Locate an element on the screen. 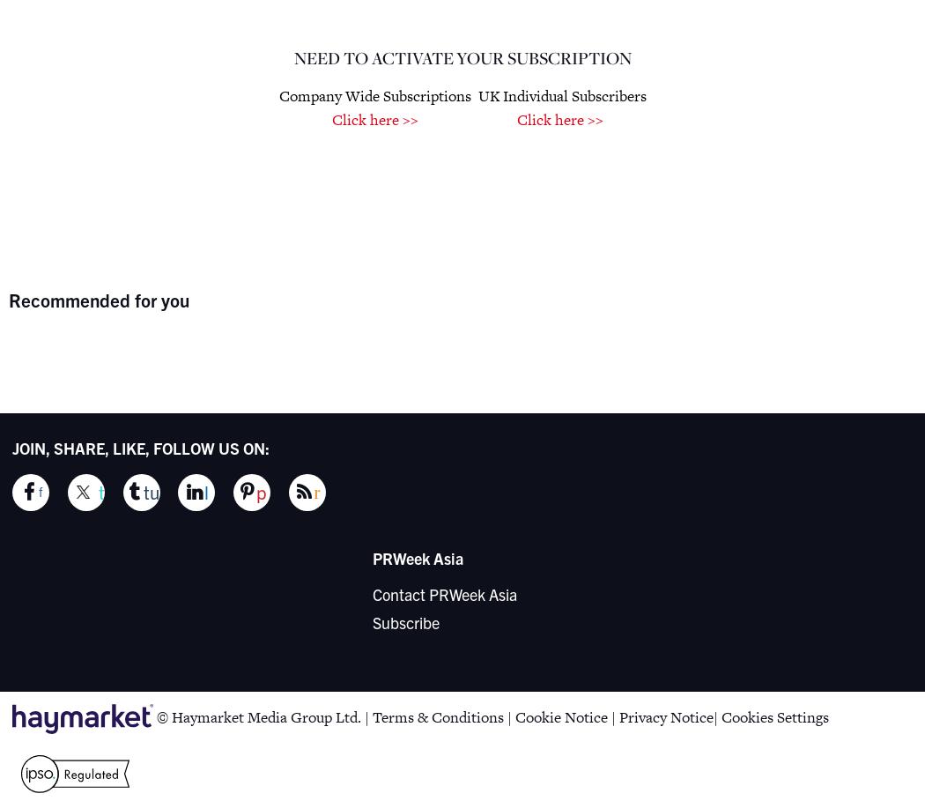 Image resolution: width=925 pixels, height=801 pixels. 'Need to activate your Subscription' is located at coordinates (461, 56).